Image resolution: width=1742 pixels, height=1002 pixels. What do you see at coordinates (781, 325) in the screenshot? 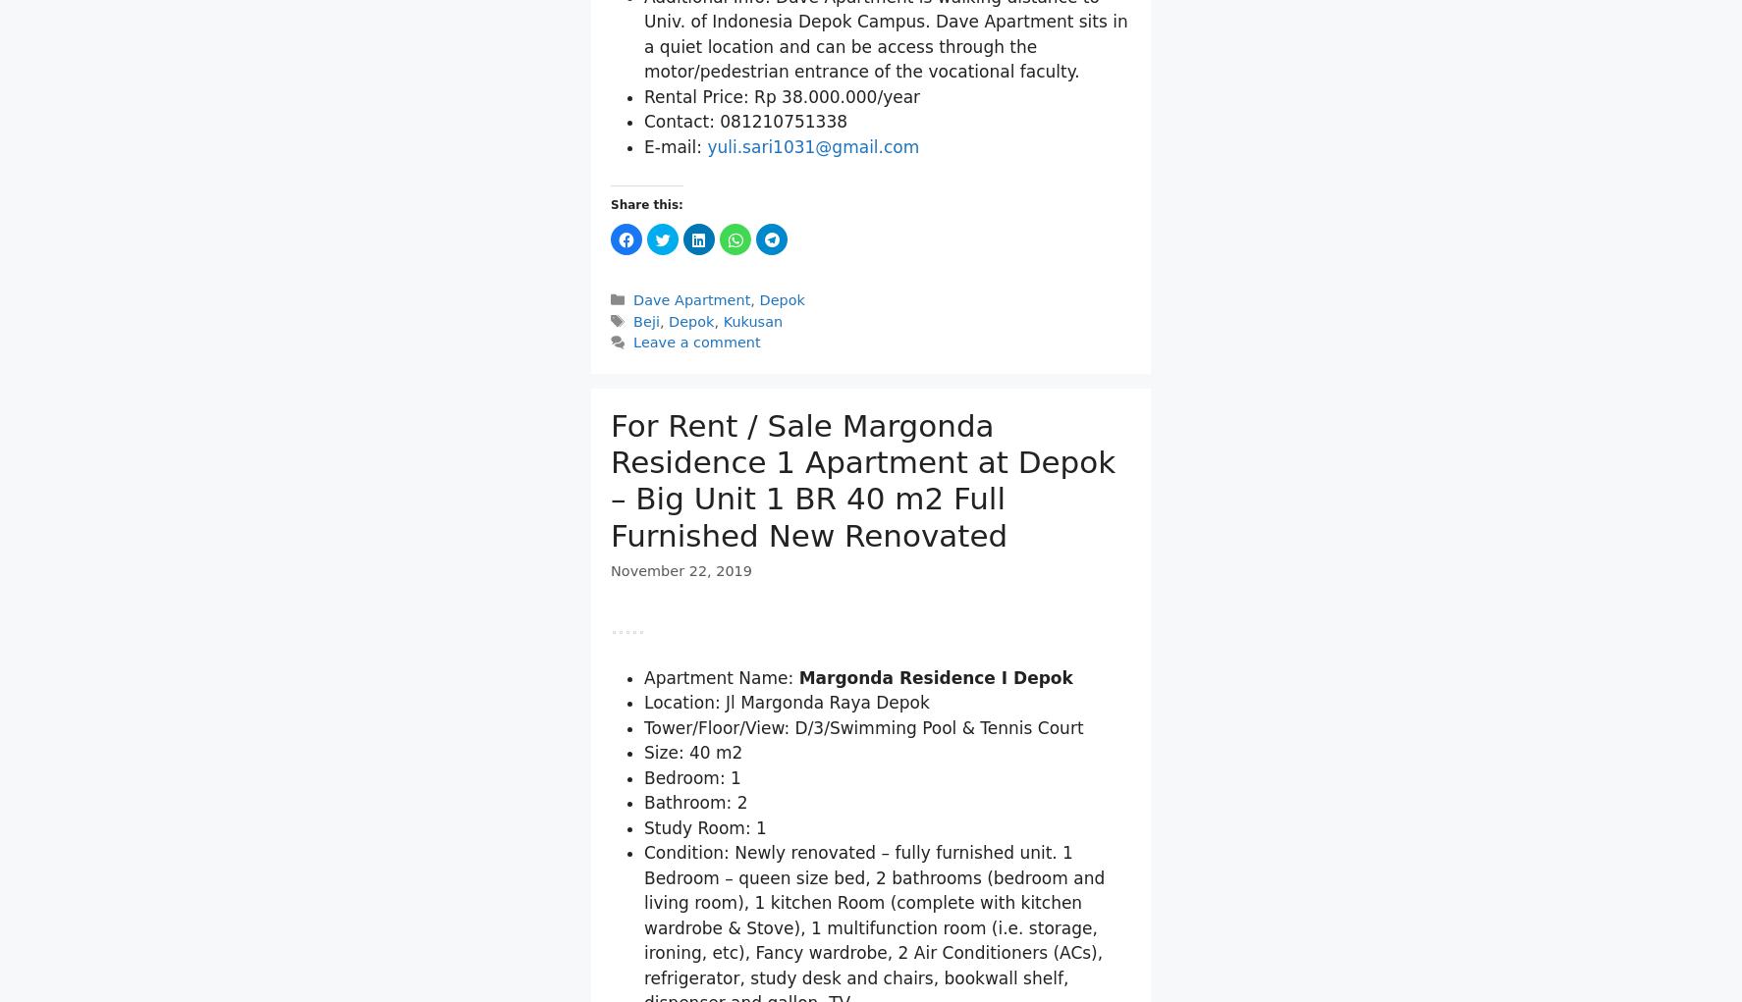
I see `'Rental Price: Rp 38.000.000/year'` at bounding box center [781, 325].